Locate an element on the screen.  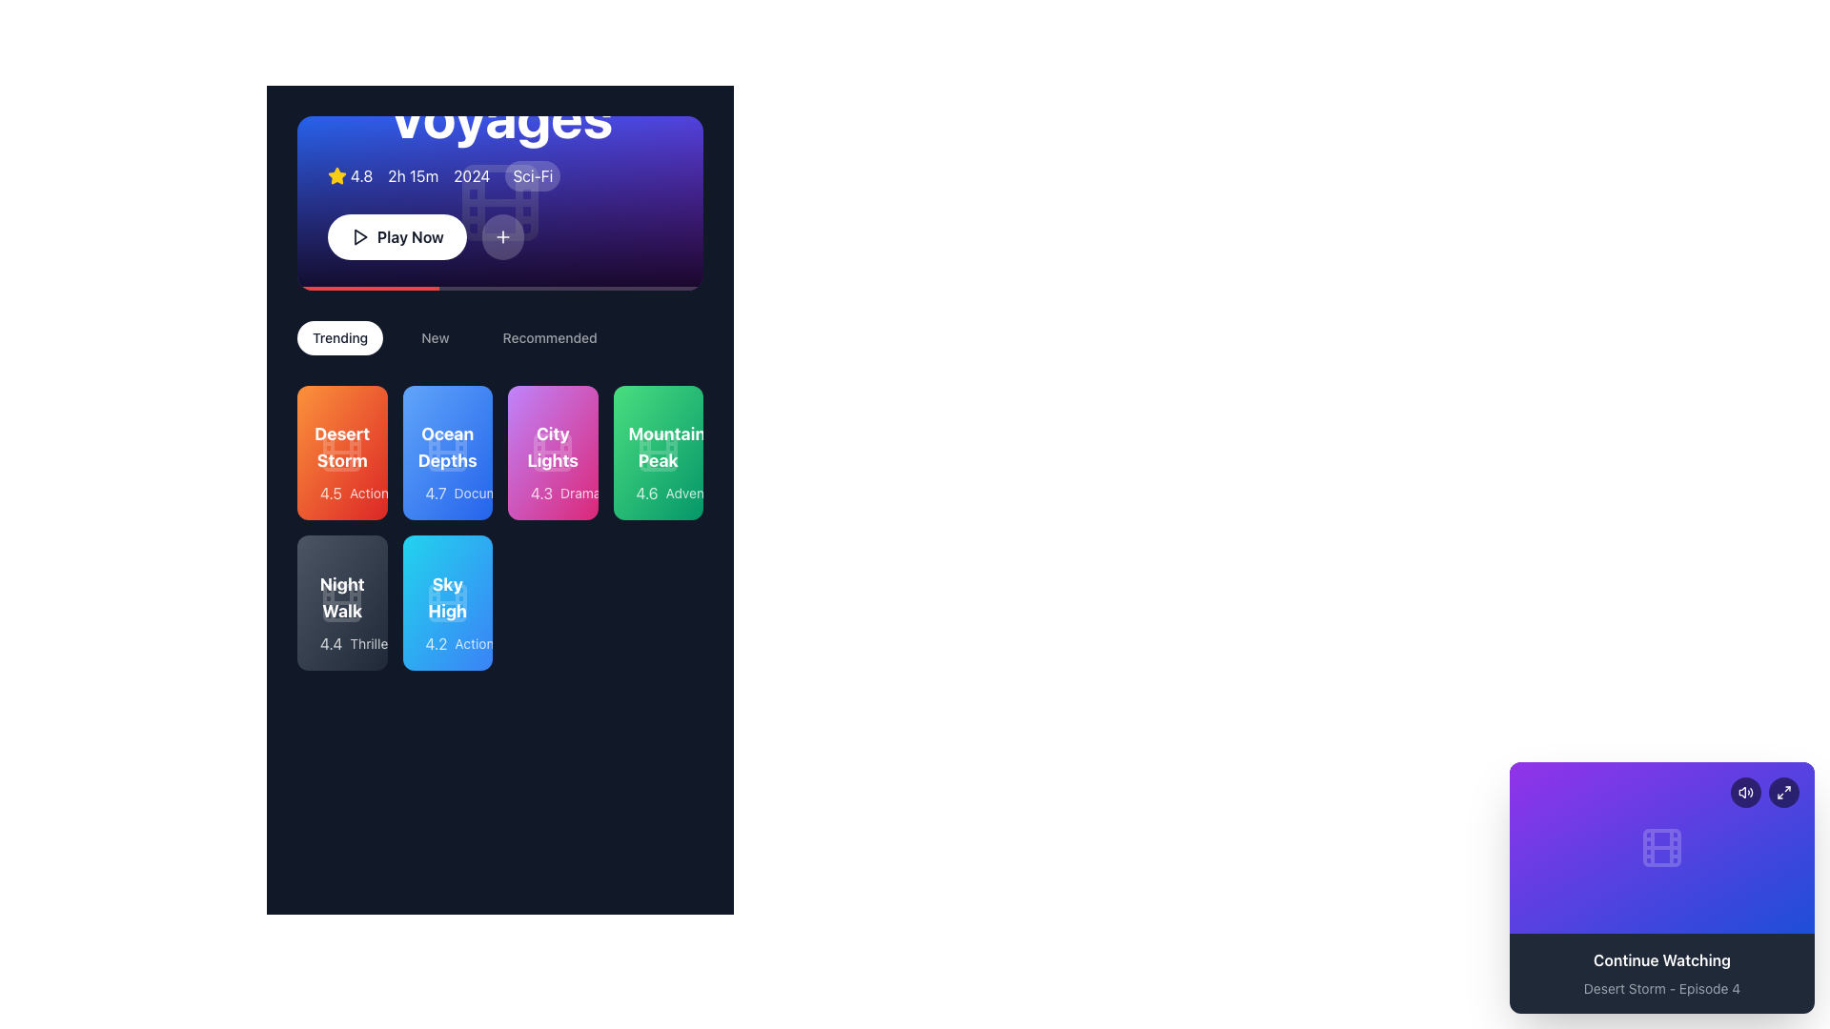
the Interactive icon group consisting of buttons is located at coordinates (1764, 793).